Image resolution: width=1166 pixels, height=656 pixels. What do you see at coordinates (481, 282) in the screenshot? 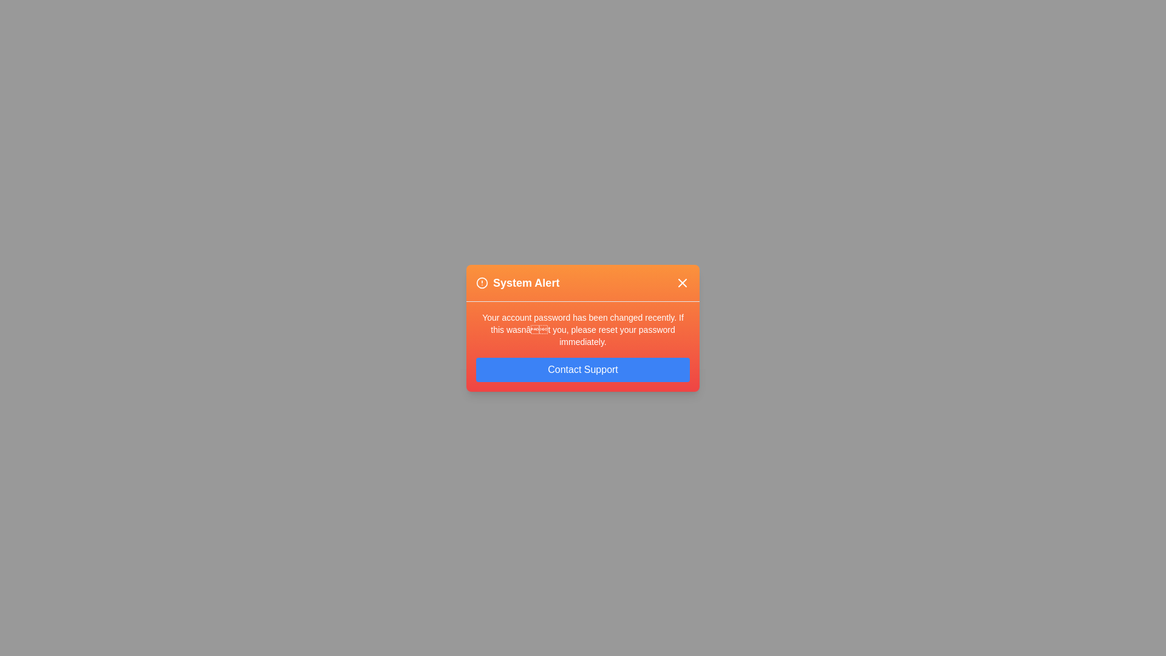
I see `the alert icon to inspect it` at bounding box center [481, 282].